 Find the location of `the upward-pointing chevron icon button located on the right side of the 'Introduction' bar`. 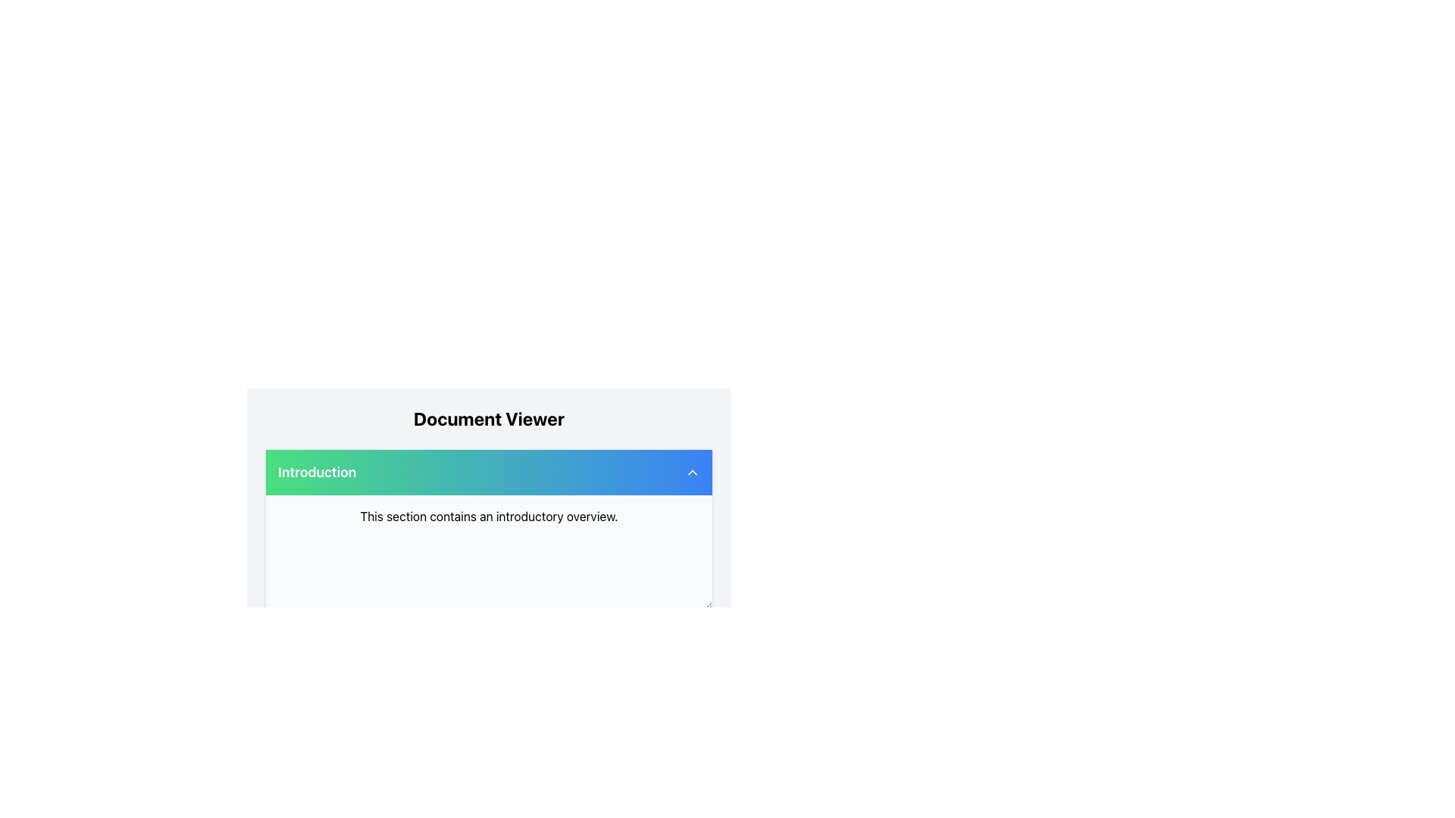

the upward-pointing chevron icon button located on the right side of the 'Introduction' bar is located at coordinates (691, 472).